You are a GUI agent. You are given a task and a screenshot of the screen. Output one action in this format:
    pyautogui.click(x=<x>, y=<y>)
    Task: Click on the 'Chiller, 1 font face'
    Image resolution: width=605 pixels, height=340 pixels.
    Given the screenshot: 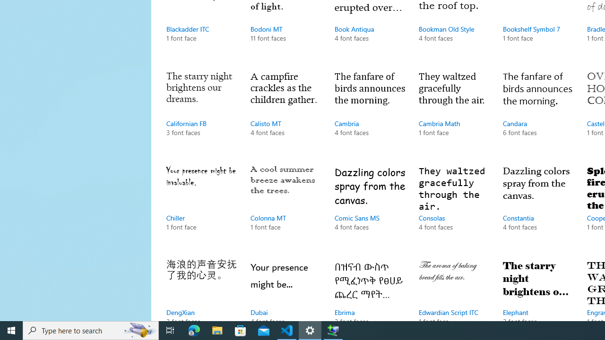 What is the action you would take?
    pyautogui.click(x=201, y=207)
    